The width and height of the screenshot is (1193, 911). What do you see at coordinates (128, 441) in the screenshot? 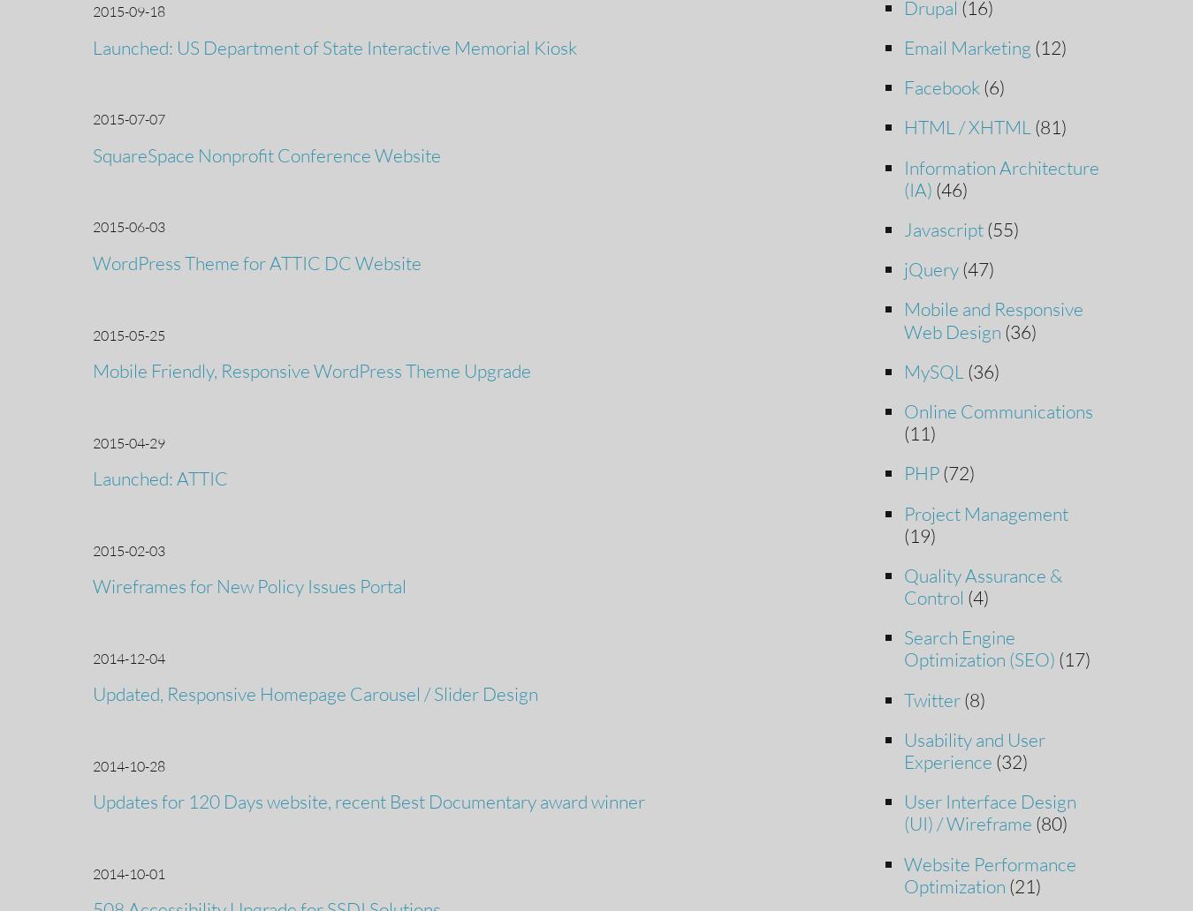
I see `'2015-04-29'` at bounding box center [128, 441].